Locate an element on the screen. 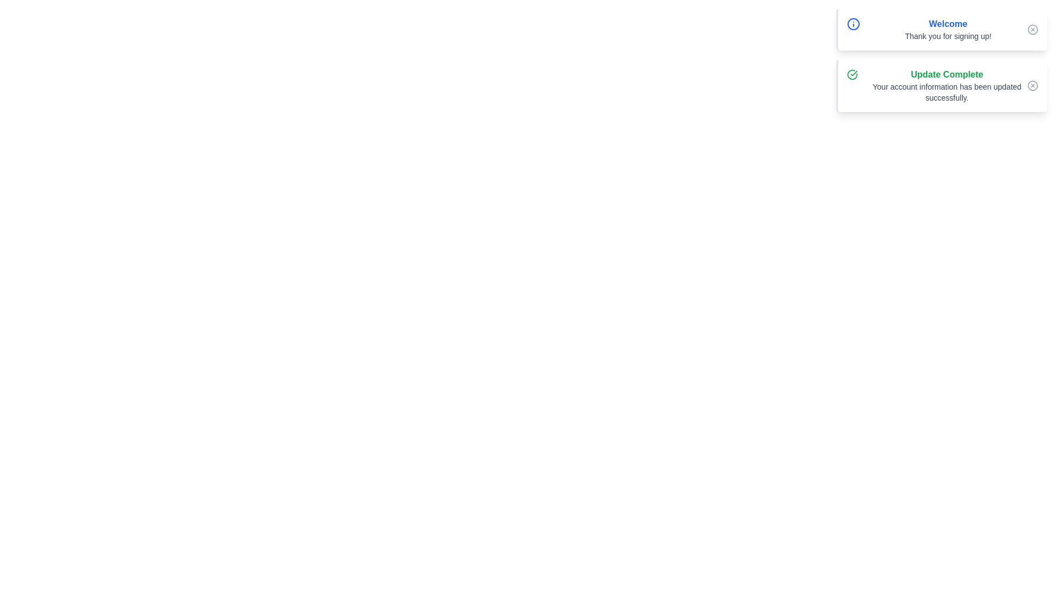 This screenshot has height=594, width=1056. the close button represented as a circular gray icon with an 'X' inside, located at the top-right corner of the 'Welcome' notification box is located at coordinates (1032, 29).